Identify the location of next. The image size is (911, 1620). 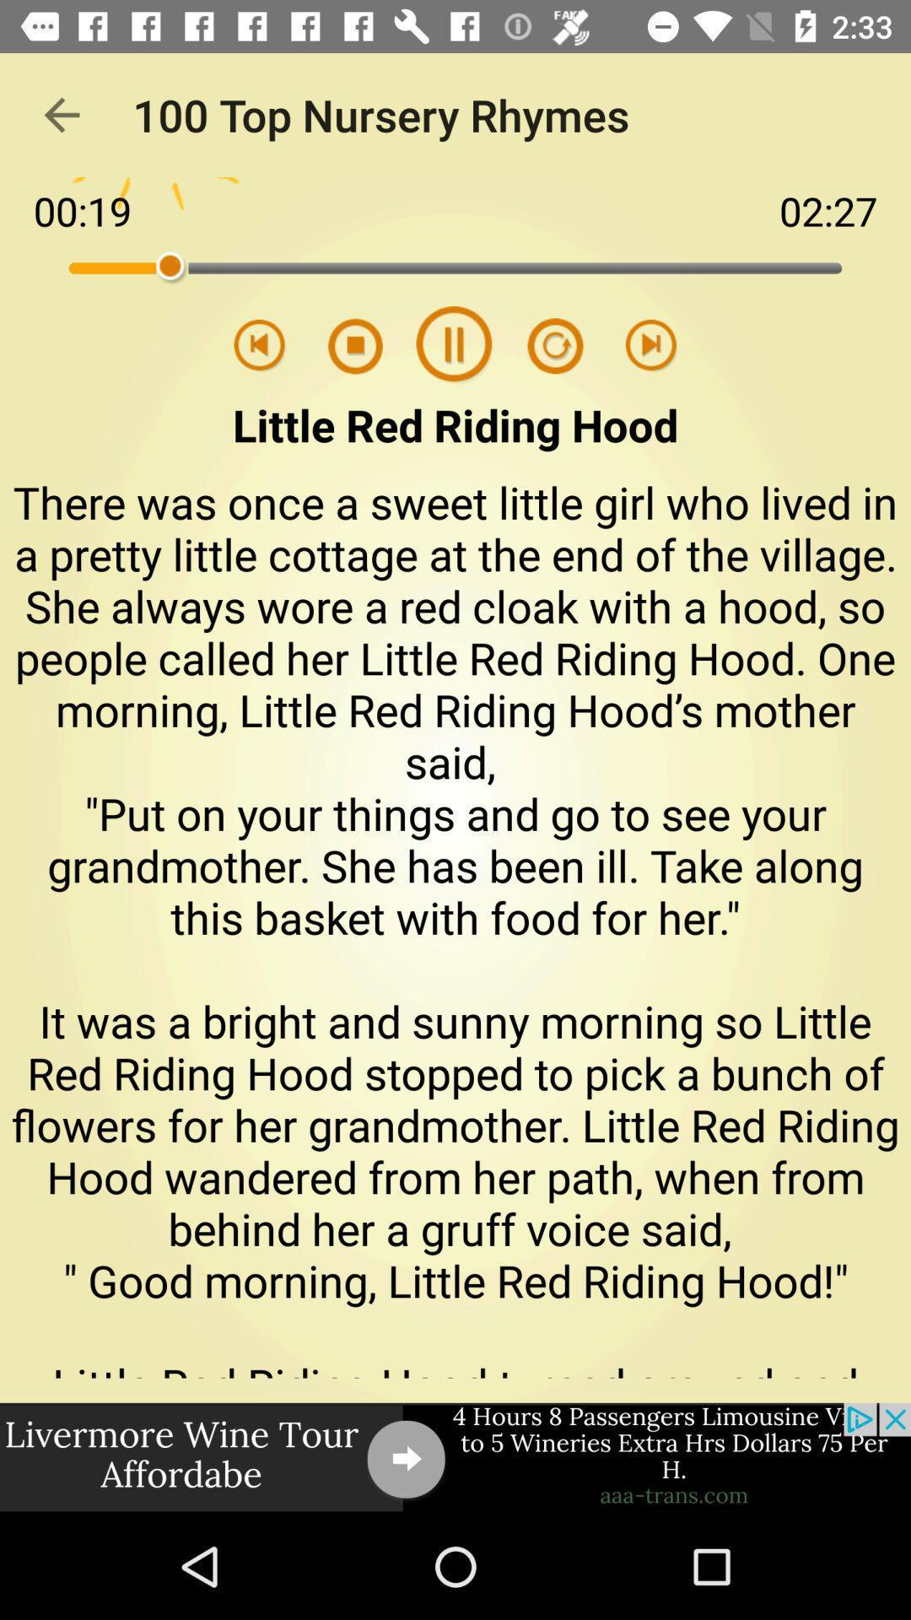
(650, 345).